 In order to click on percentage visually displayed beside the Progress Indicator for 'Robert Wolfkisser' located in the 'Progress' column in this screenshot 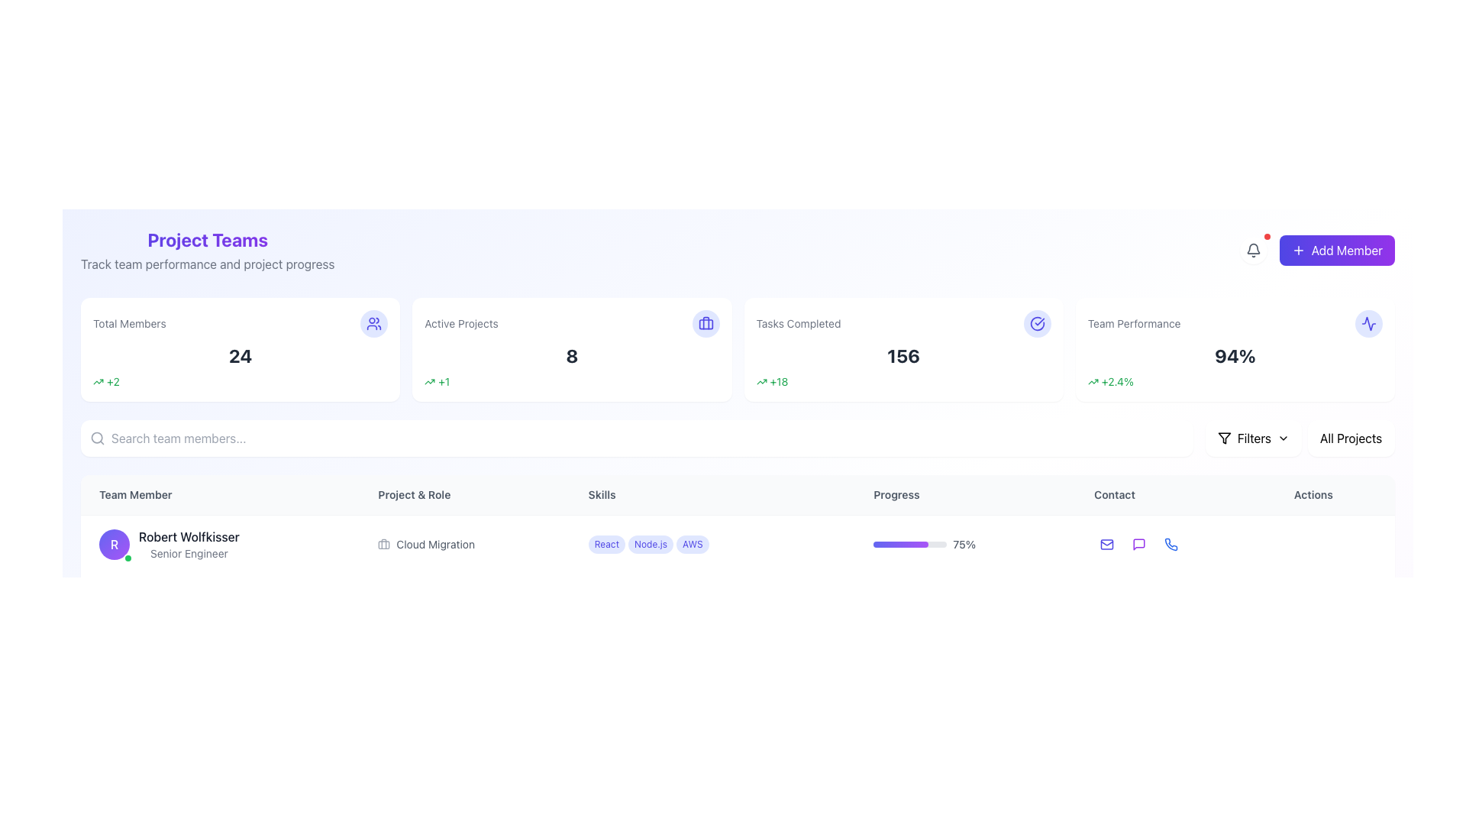, I will do `click(964, 544)`.